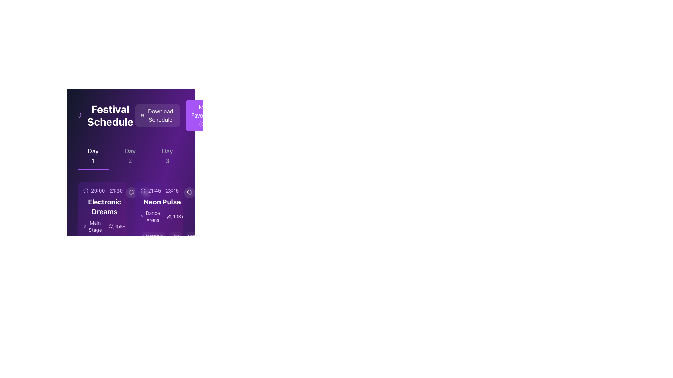 The width and height of the screenshot is (673, 378). Describe the element at coordinates (130, 156) in the screenshot. I see `the 'Day 2' Tab button, which is the second in a series of three horizontally aligned text elements labeled 'Day 1', 'Day 2', and 'Day 3' on a purple background` at that location.